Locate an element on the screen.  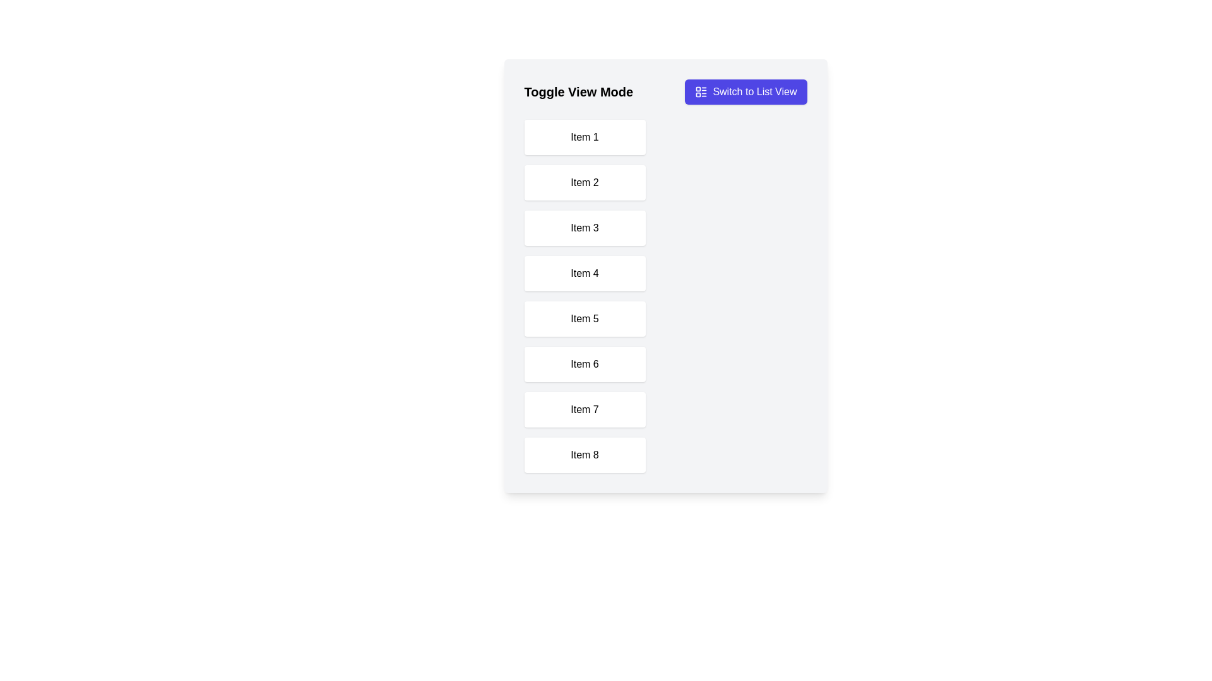
the 'Switch to List View' button to toggle the view mode is located at coordinates (746, 91).